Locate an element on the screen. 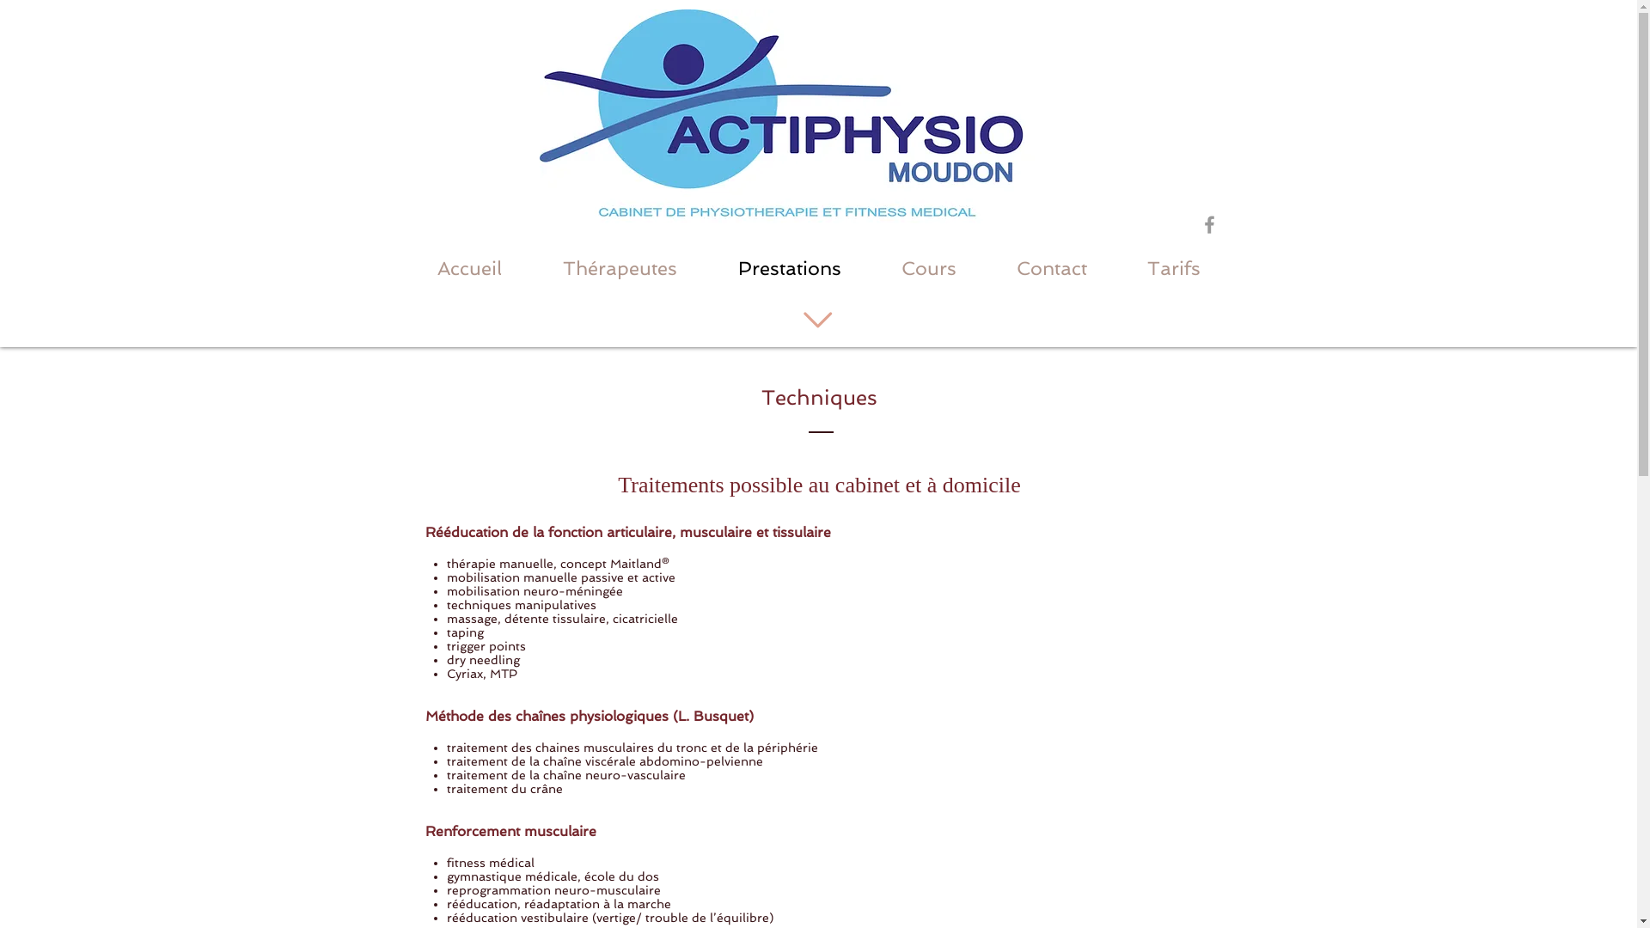 The image size is (1650, 928). 'Contact' is located at coordinates (1051, 268).